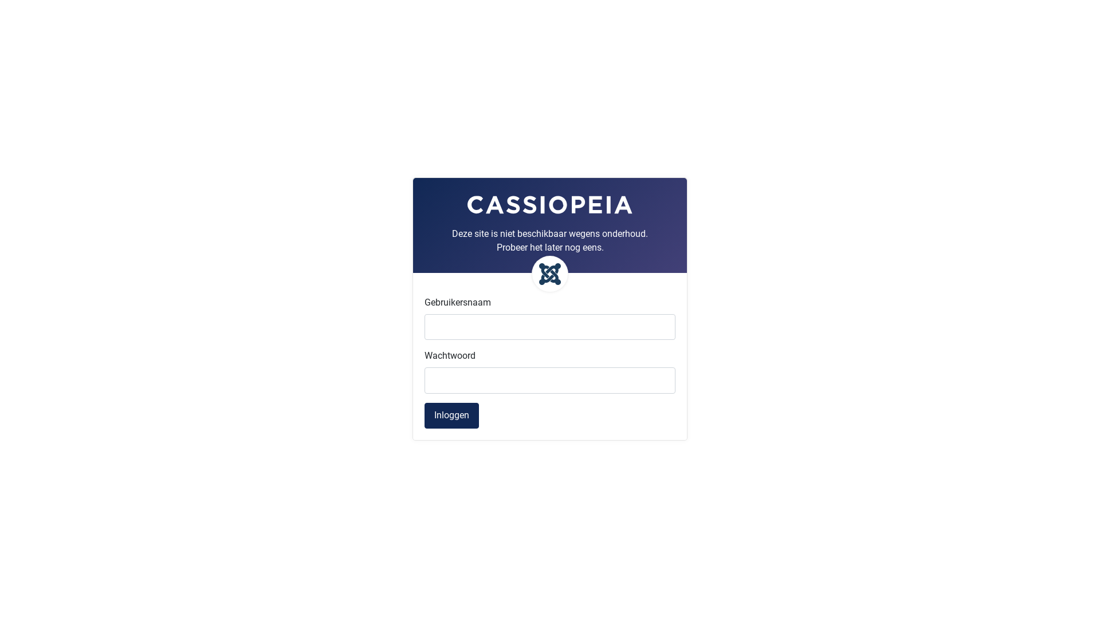 This screenshot has height=618, width=1100. Describe the element at coordinates (451, 415) in the screenshot. I see `'Inloggen'` at that location.